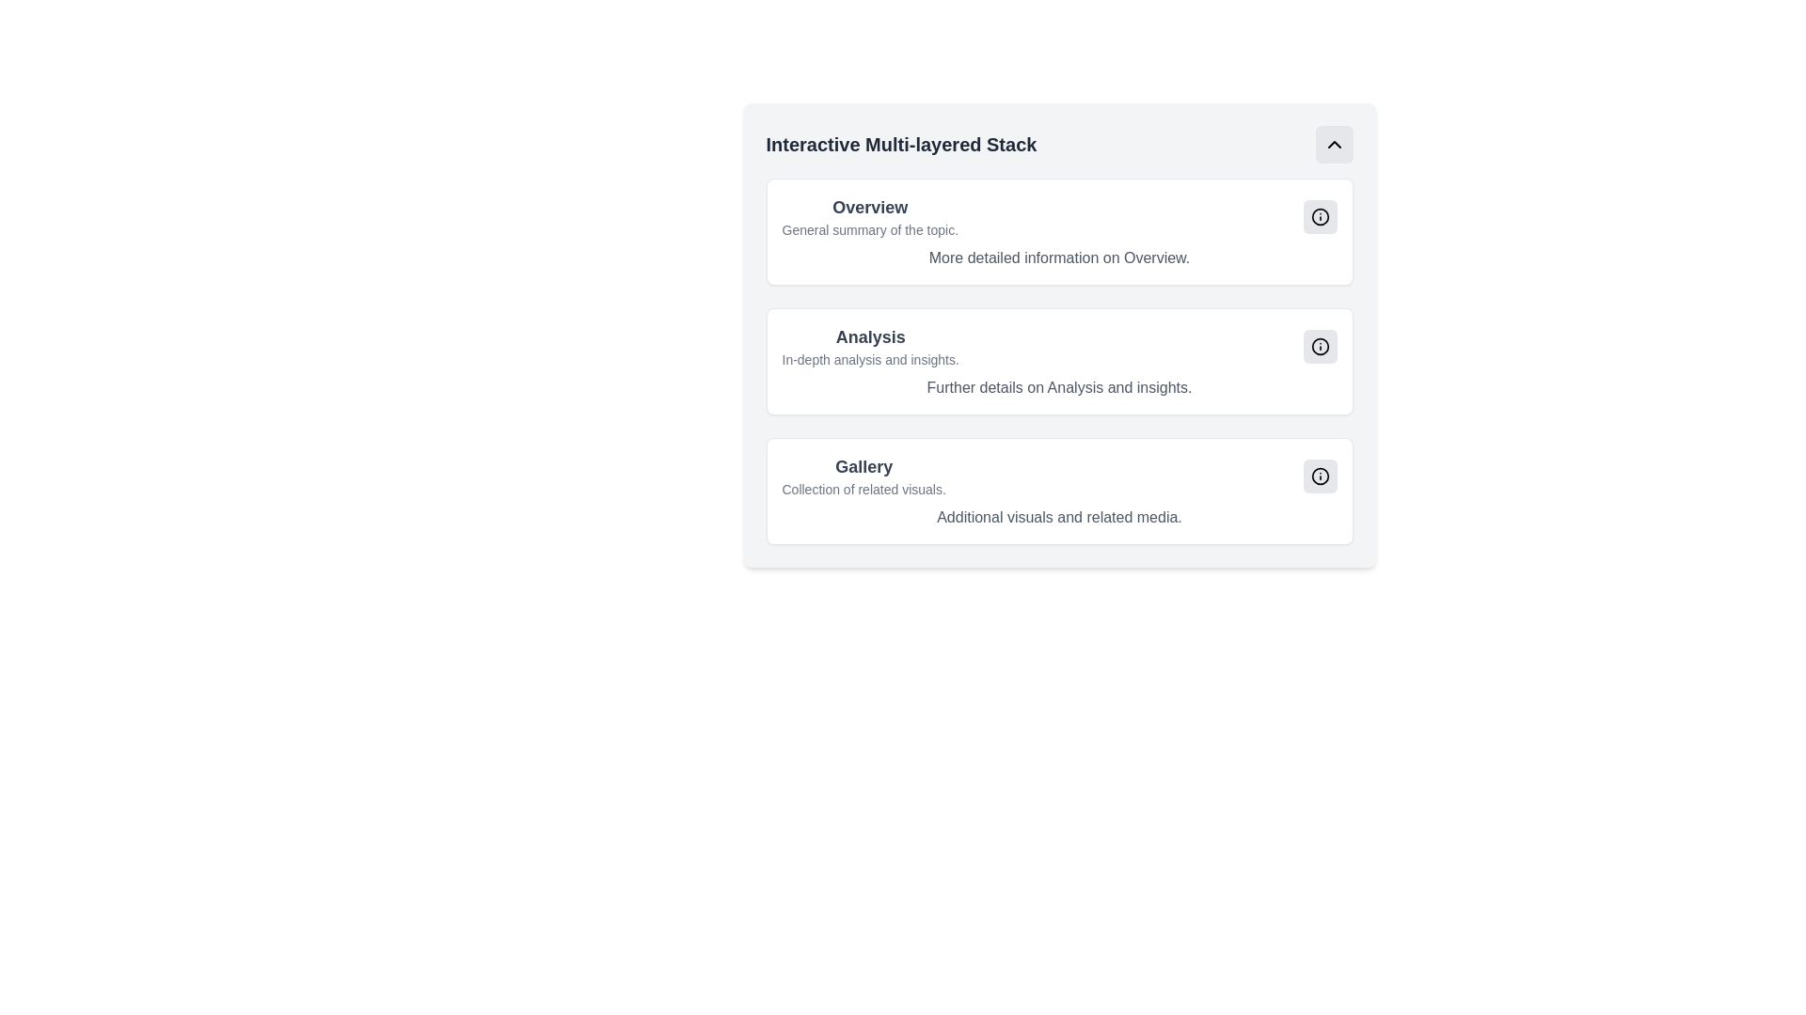 The image size is (1806, 1015). What do you see at coordinates (1319, 216) in the screenshot?
I see `the interactive information tooltip icon located at the right end of the 'Overview' section` at bounding box center [1319, 216].